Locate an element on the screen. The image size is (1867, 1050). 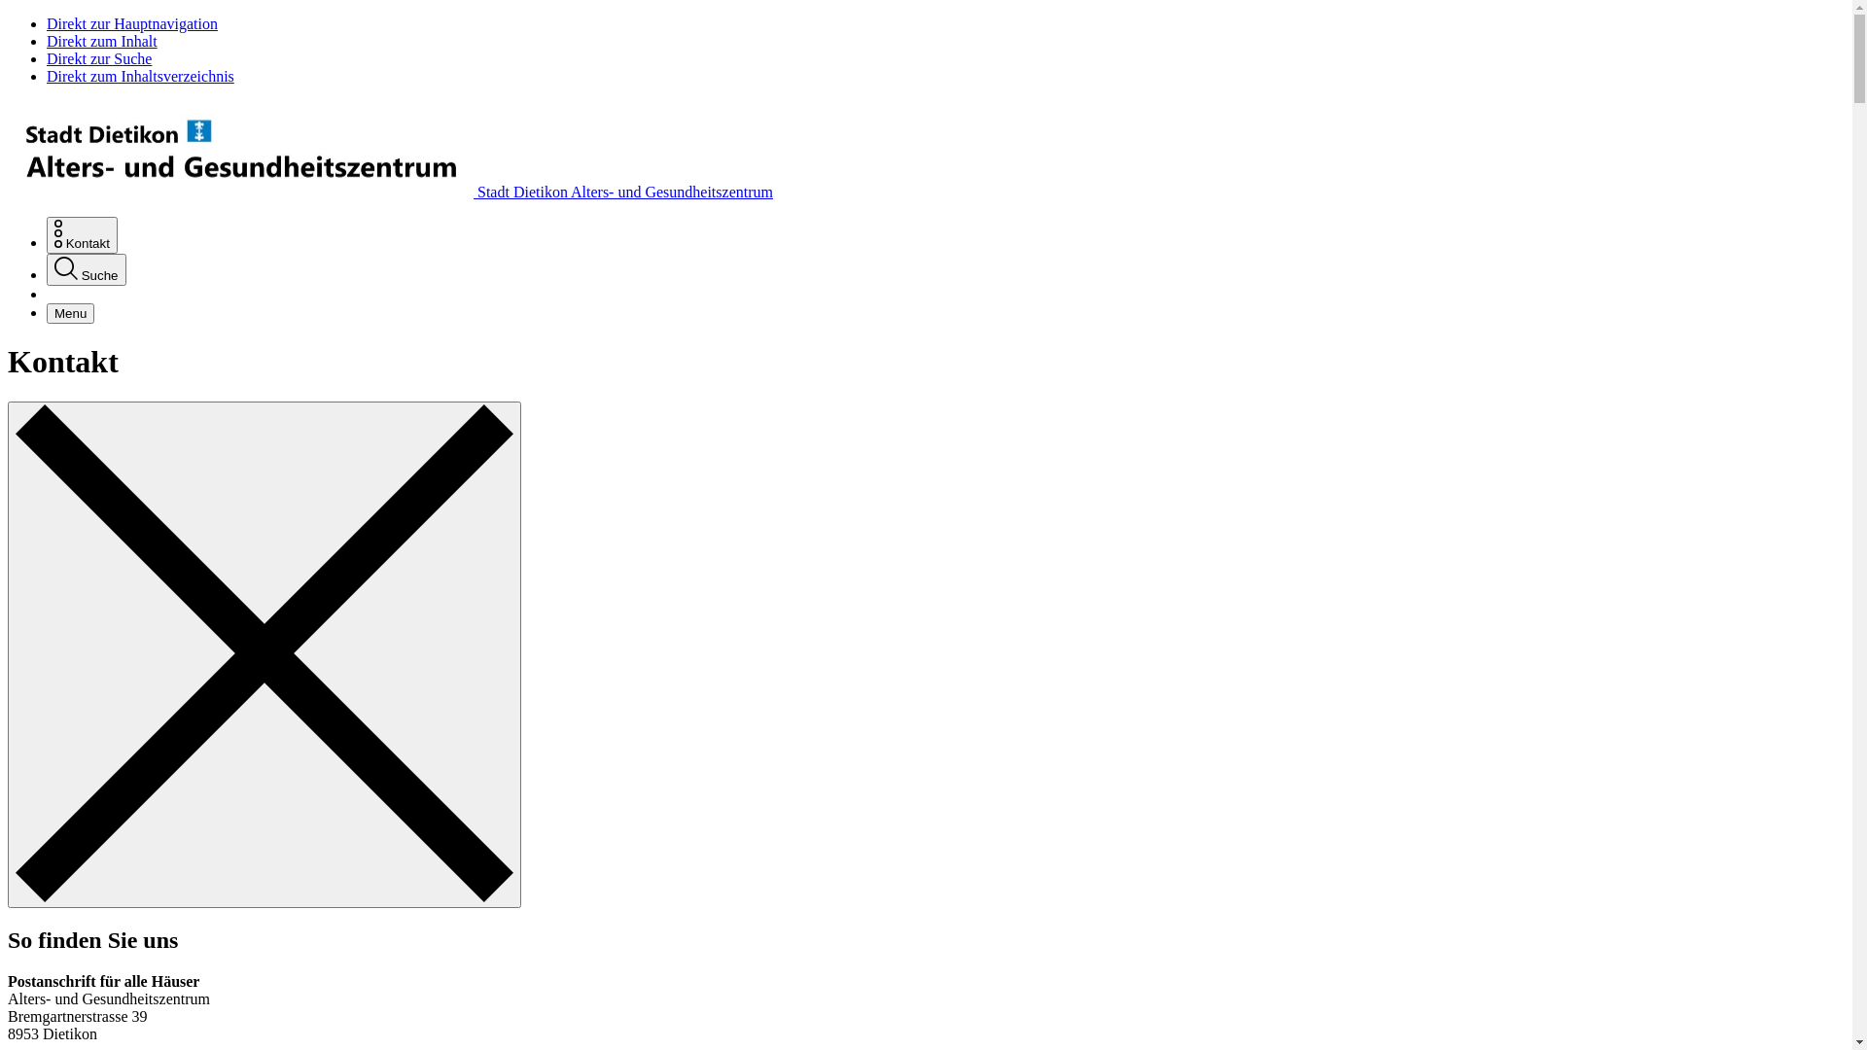
'Suche' is located at coordinates (86, 269).